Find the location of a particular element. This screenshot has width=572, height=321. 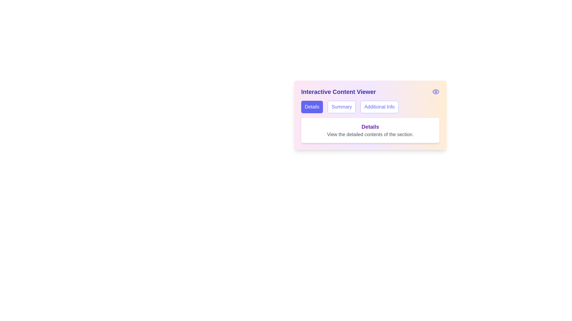

the 'Summary' button, which is a rectangular button with rounded corners and indigo text, located in the upper section of the 'Interactive Content Viewer' is located at coordinates (342, 106).